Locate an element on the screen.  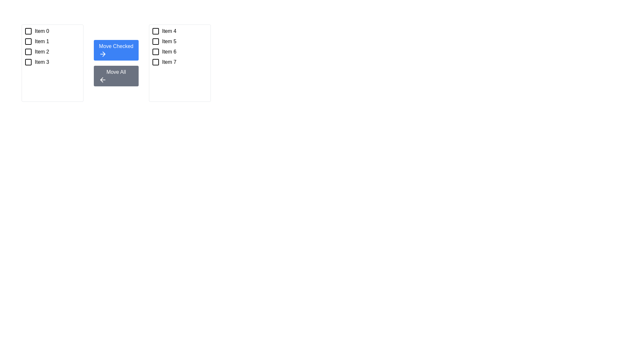
the checkbox next is located at coordinates (155, 31).